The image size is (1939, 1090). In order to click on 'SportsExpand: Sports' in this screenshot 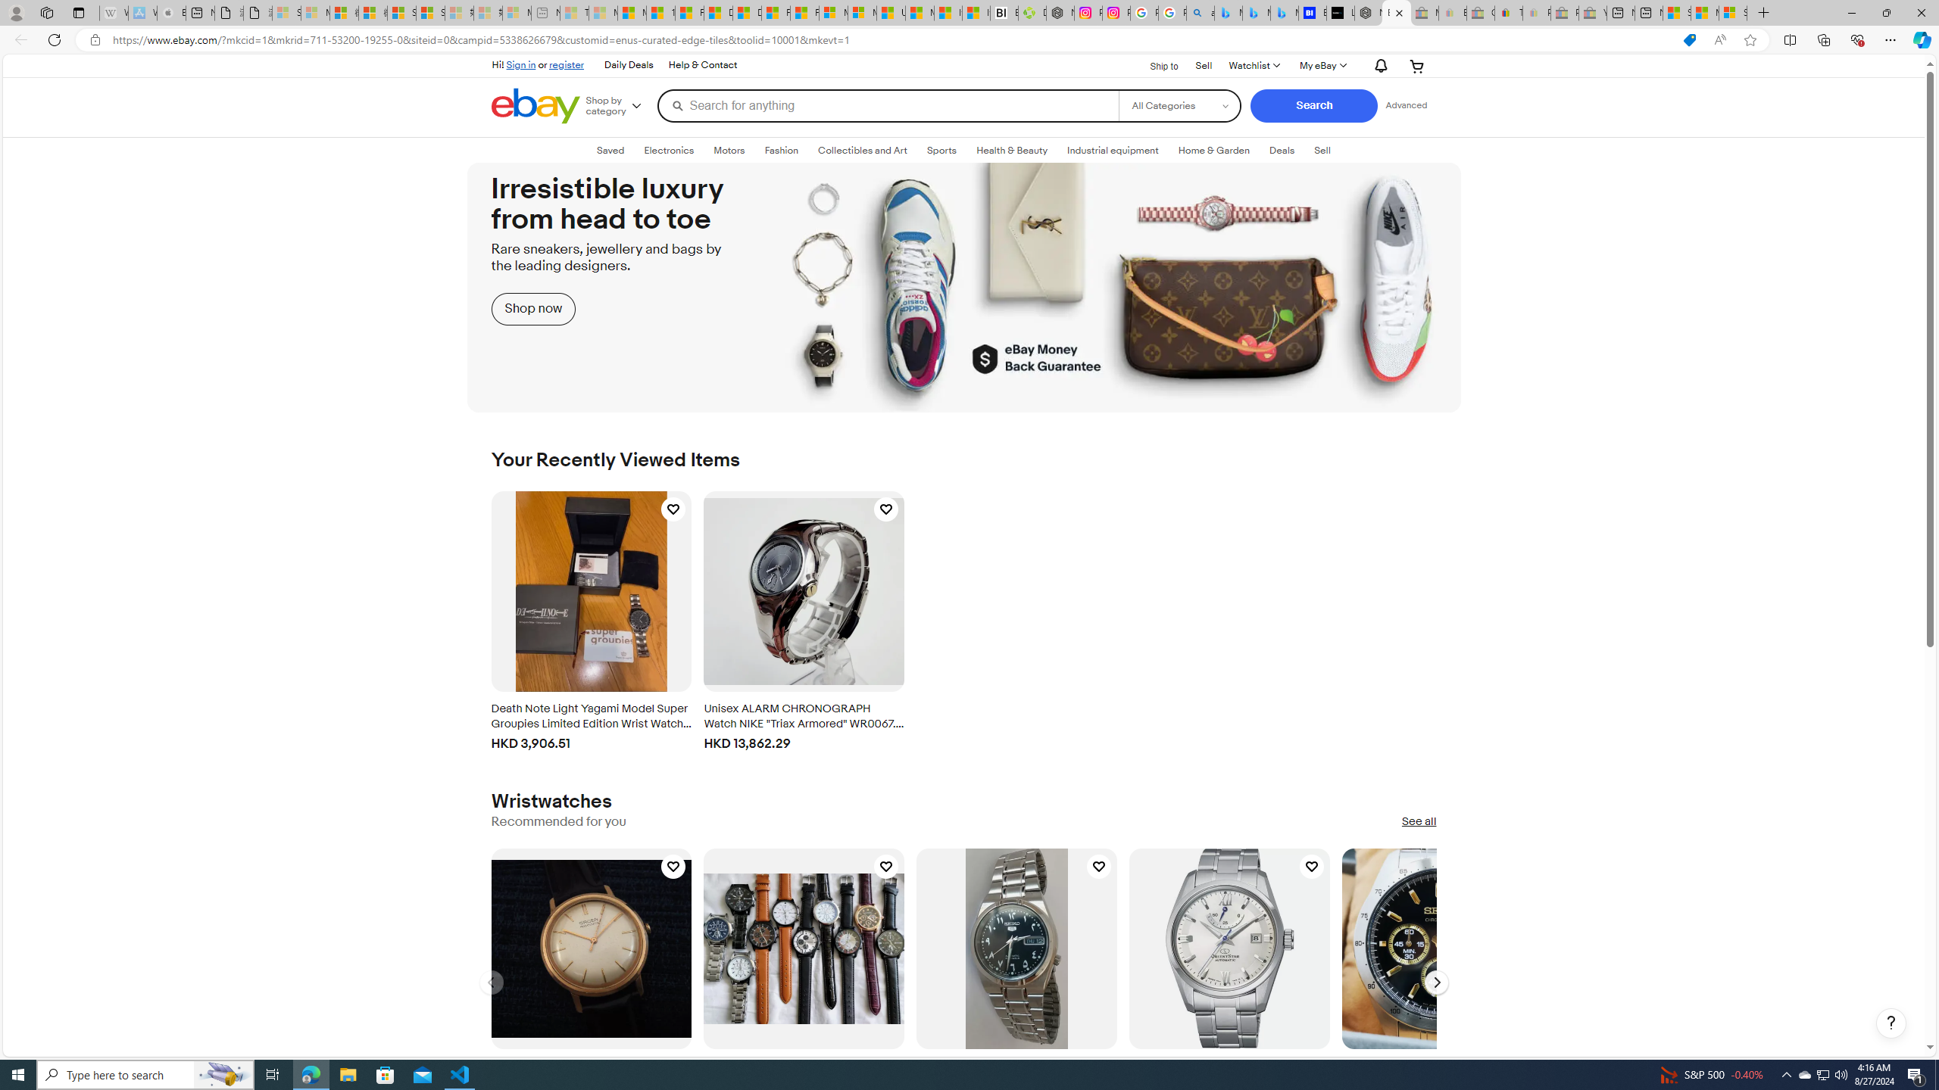, I will do `click(941, 150)`.